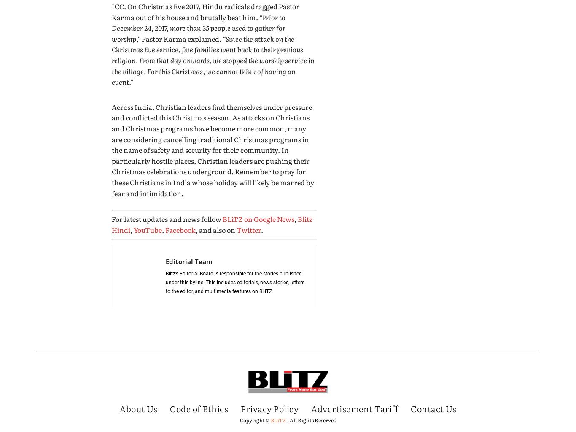 Image resolution: width=576 pixels, height=432 pixels. Describe the element at coordinates (167, 219) in the screenshot. I see `'For latest updates and news follow'` at that location.